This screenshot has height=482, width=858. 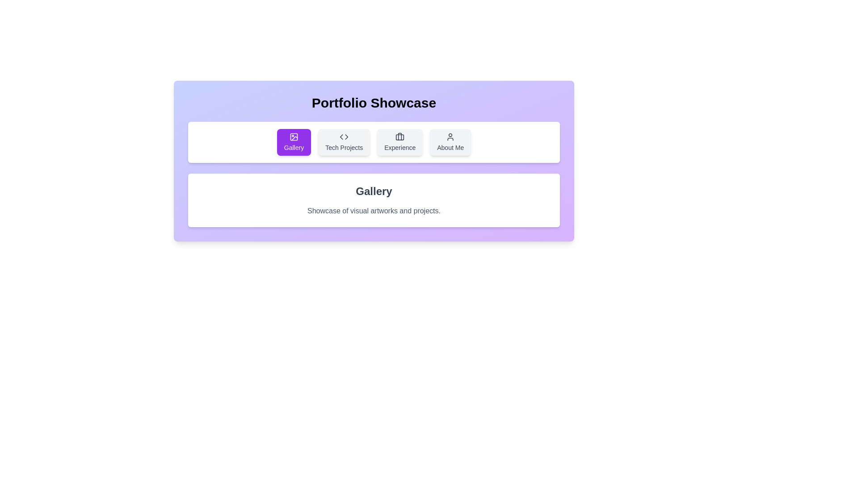 I want to click on the tab labeled 'Experience', so click(x=400, y=142).